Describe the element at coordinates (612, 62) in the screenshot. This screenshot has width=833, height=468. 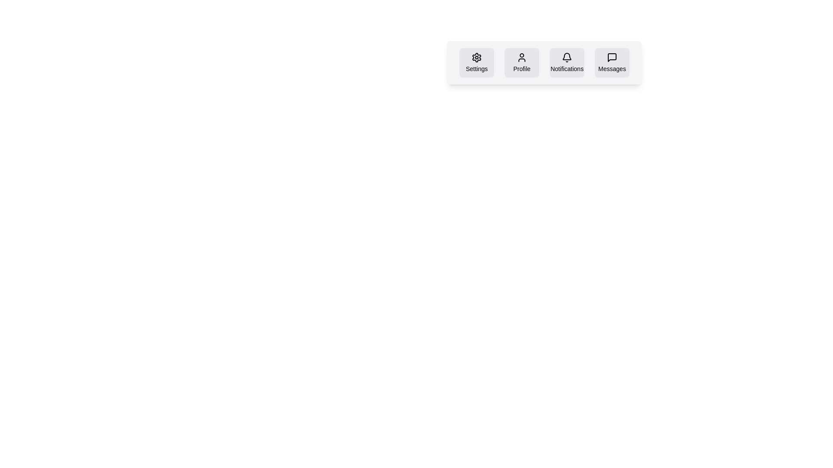
I see `the 'Messages' button, which is the fourth button in a horizontal series located at the top-right of the interface` at that location.